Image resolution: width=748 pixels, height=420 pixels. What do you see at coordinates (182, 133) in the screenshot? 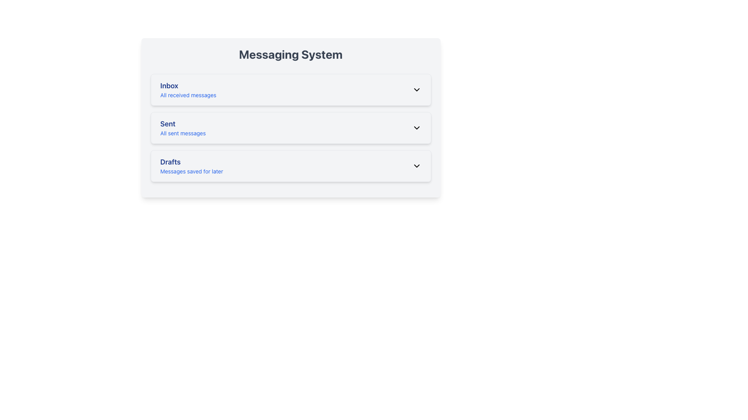
I see `text block that states 'All sent messages', which is styled in blue and positioned below the 'Sent' heading` at bounding box center [182, 133].